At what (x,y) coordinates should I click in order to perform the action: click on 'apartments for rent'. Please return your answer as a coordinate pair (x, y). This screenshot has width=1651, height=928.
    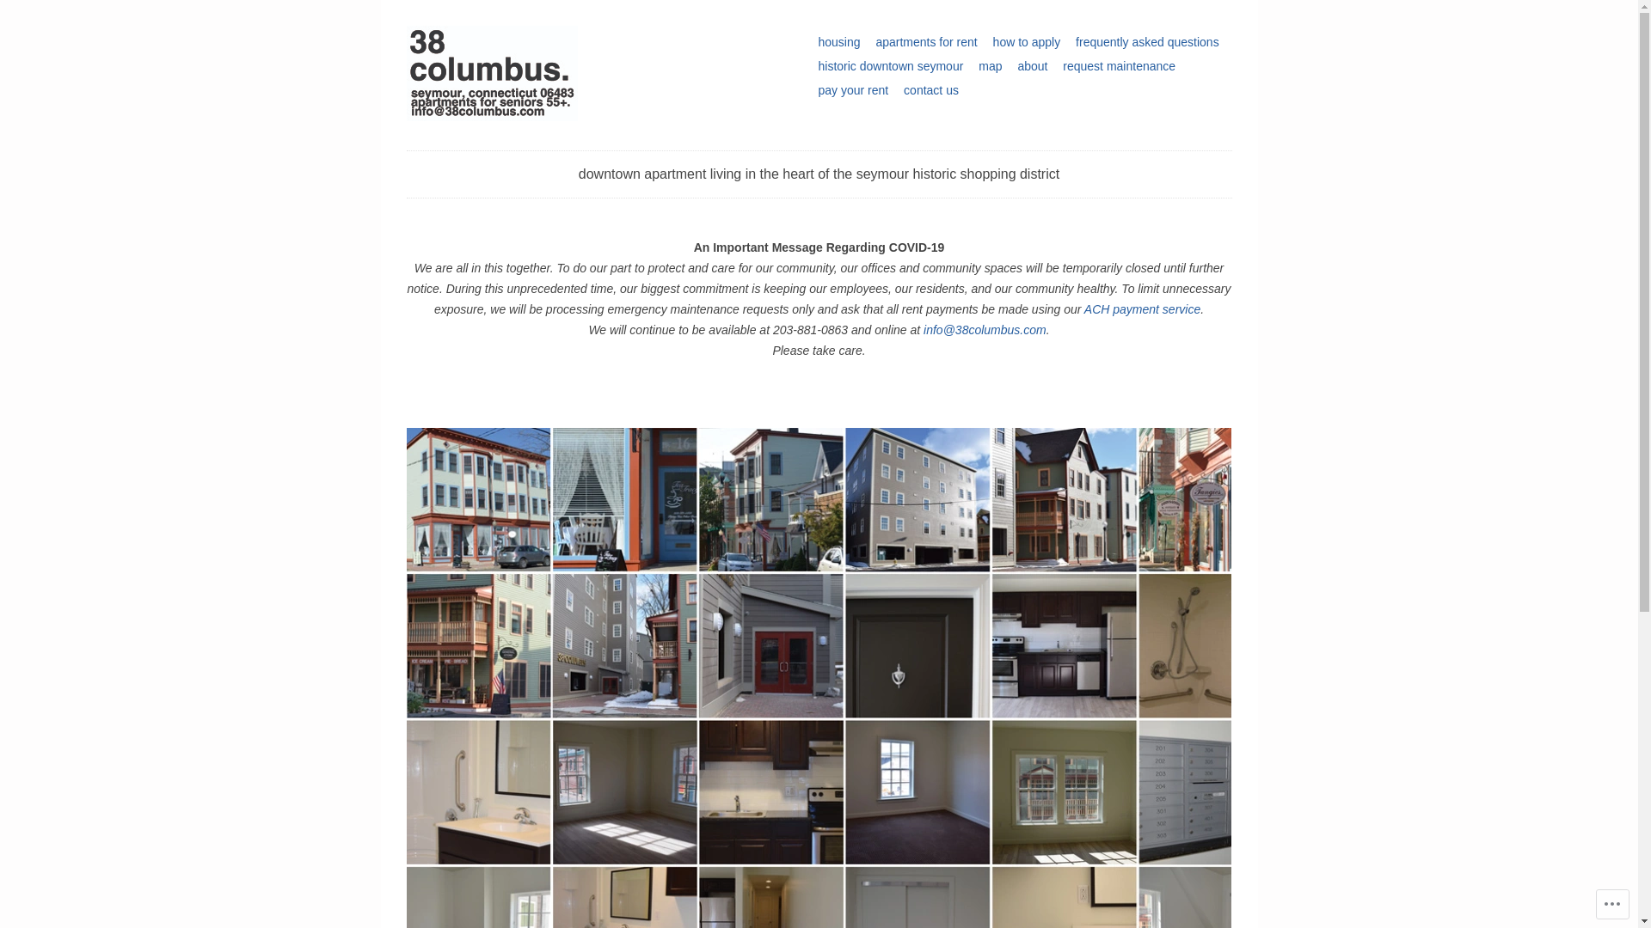
    Looking at the image, I should click on (869, 41).